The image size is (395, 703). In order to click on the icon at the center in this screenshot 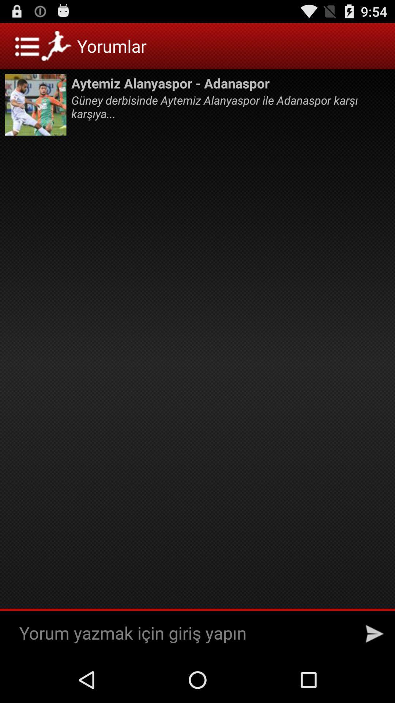, I will do `click(197, 379)`.